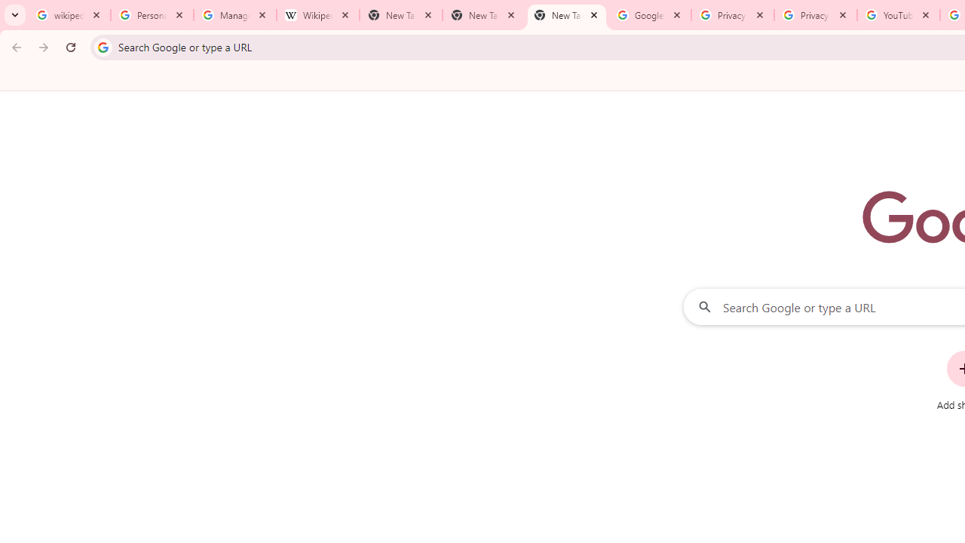 The image size is (965, 543). What do you see at coordinates (152, 15) in the screenshot?
I see `'Personalization & Google Search results - Google Search Help'` at bounding box center [152, 15].